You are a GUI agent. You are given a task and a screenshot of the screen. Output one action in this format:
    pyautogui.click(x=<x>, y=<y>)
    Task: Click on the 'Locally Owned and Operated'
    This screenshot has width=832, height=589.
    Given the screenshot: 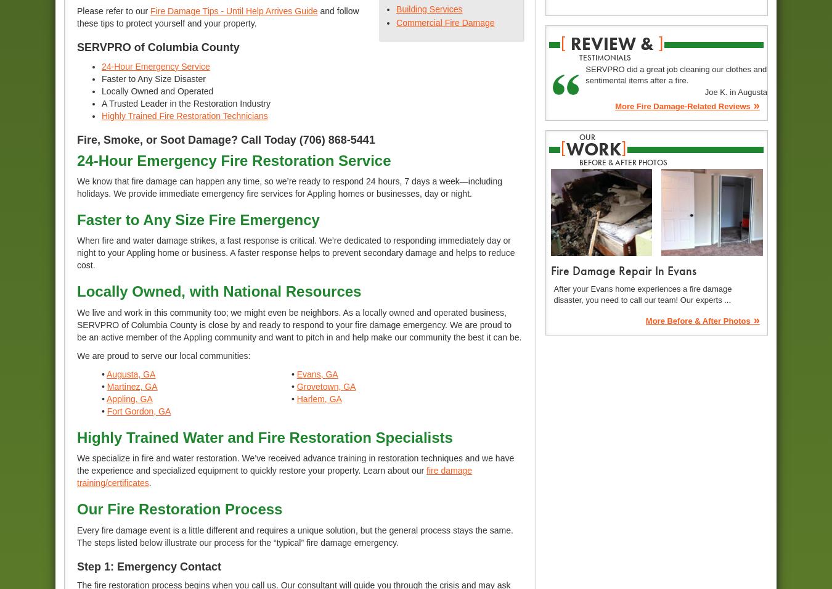 What is the action you would take?
    pyautogui.click(x=157, y=89)
    